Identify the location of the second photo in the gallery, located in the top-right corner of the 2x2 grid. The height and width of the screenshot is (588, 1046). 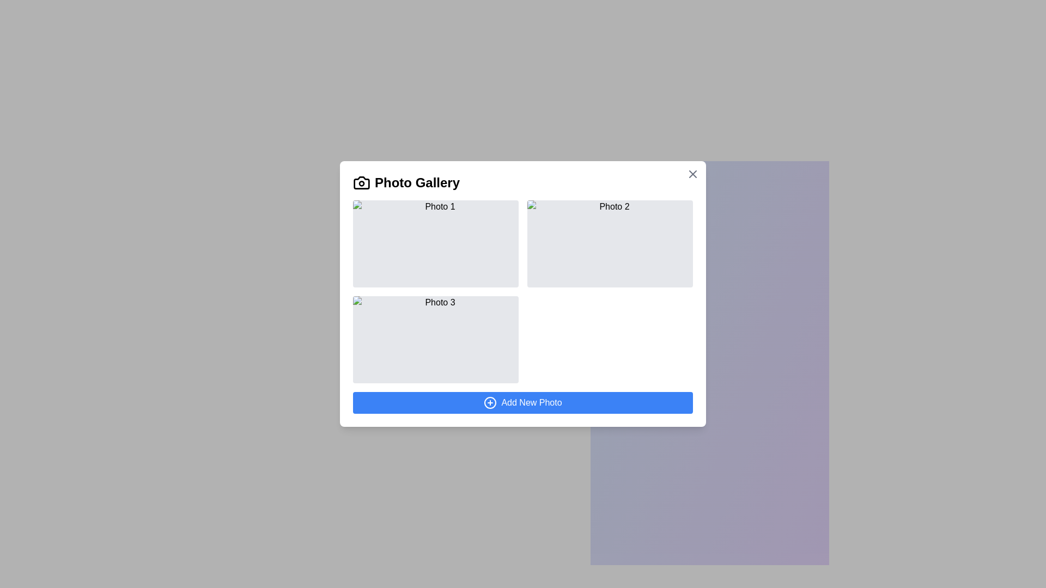
(609, 243).